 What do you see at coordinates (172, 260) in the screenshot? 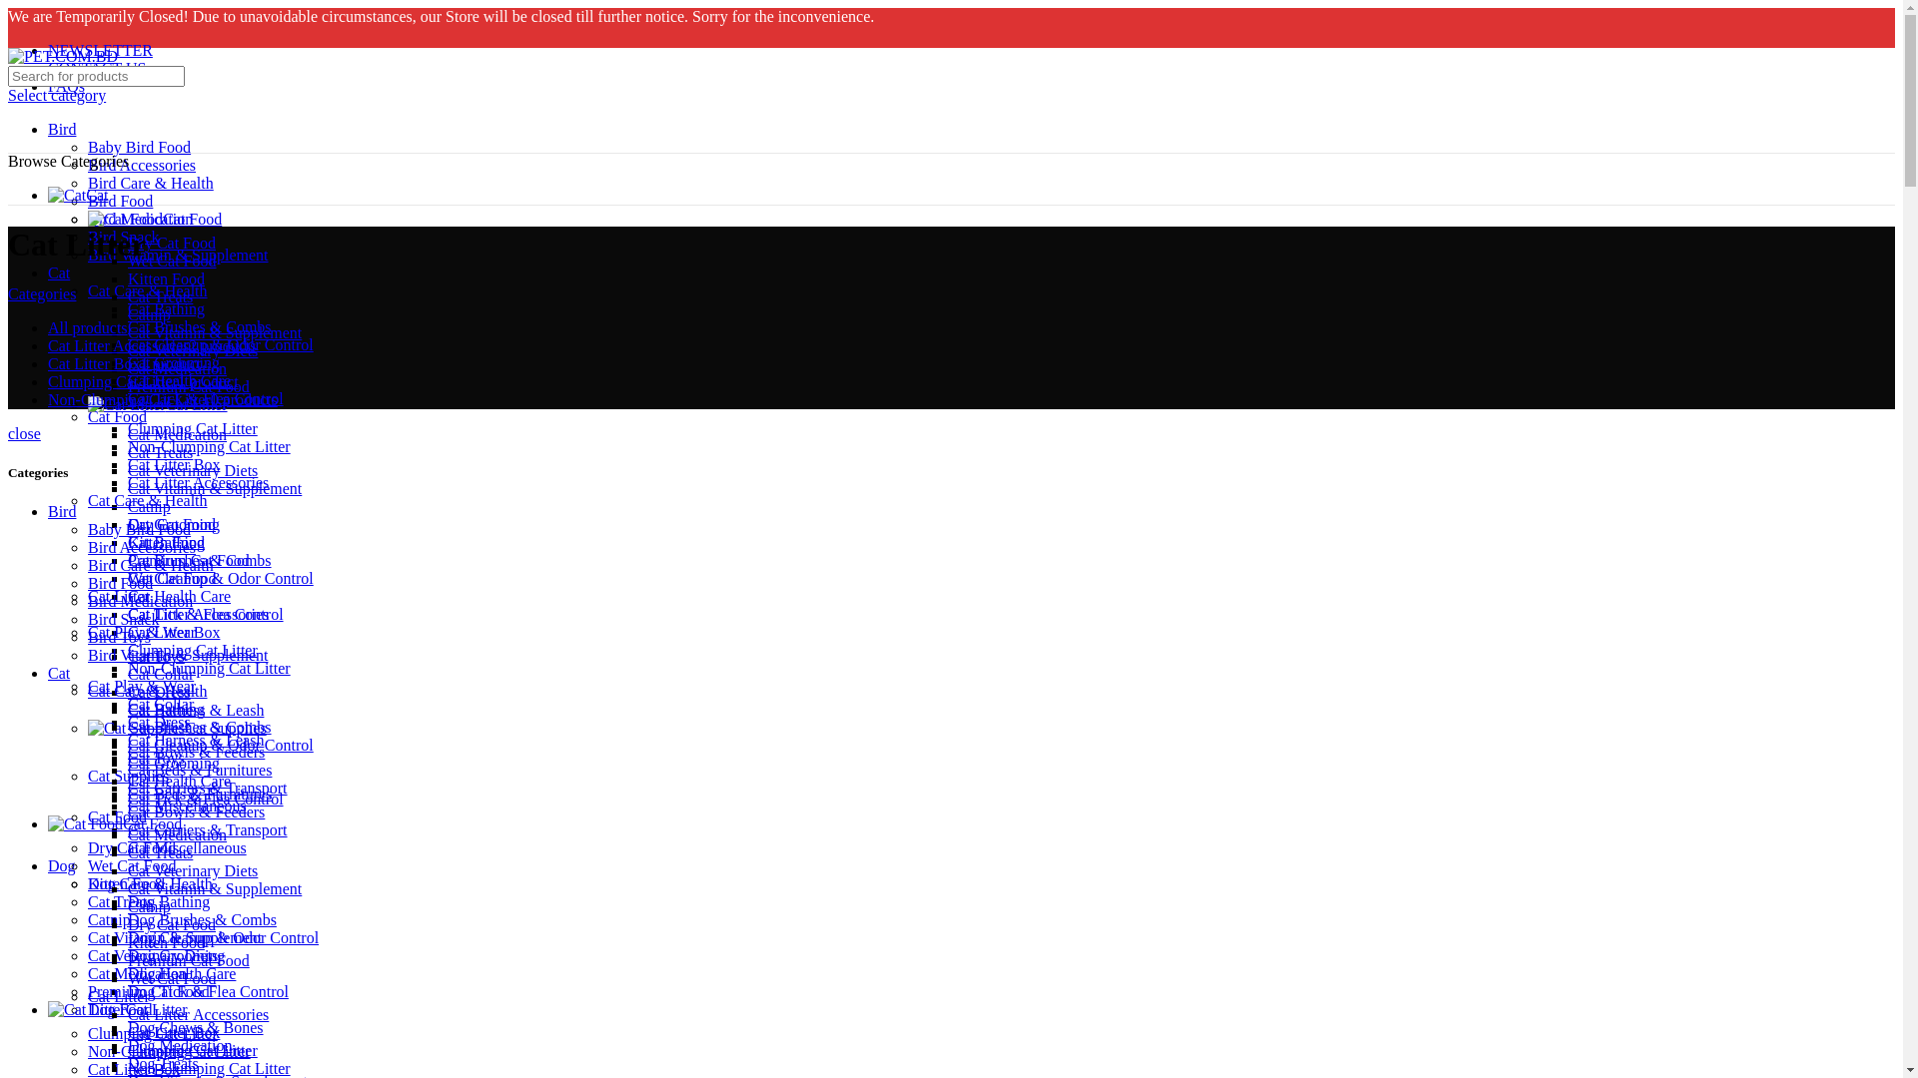
I see `'Wet Cat Food'` at bounding box center [172, 260].